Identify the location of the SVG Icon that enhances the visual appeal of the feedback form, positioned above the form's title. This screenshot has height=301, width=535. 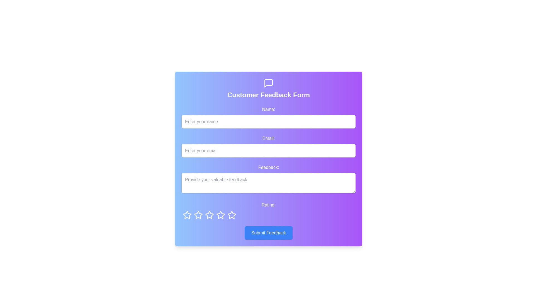
(269, 83).